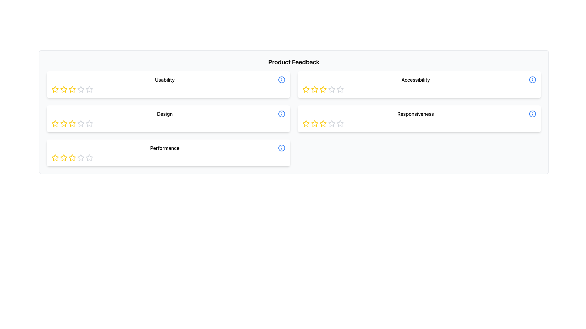 This screenshot has width=586, height=329. Describe the element at coordinates (415, 80) in the screenshot. I see `the 'Accessibility' feedback category label located in the top right quadrant of the 'Product Feedback' section, which precedes an information icon` at that location.